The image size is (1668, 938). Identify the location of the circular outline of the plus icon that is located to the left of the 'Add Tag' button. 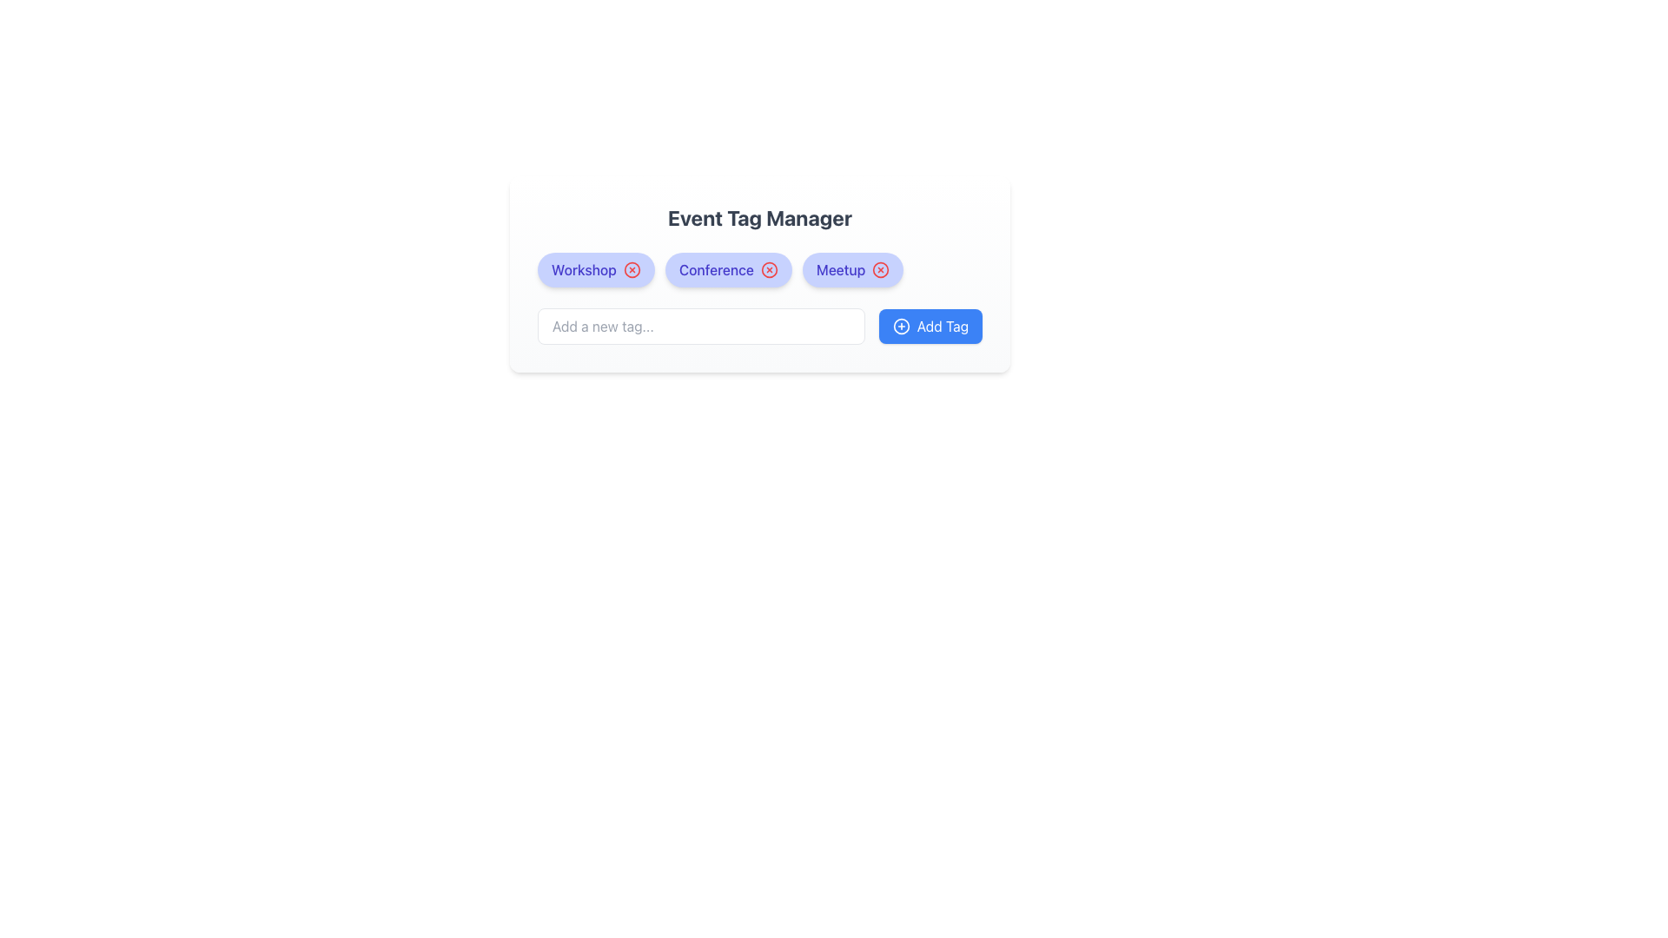
(901, 326).